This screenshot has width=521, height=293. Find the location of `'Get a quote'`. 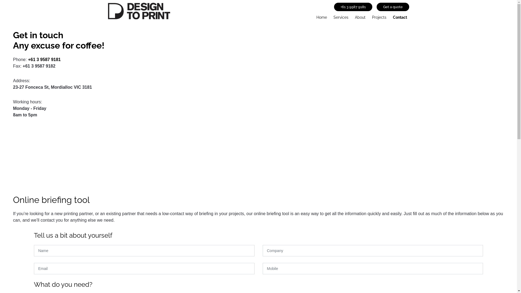

'Get a quote' is located at coordinates (393, 7).